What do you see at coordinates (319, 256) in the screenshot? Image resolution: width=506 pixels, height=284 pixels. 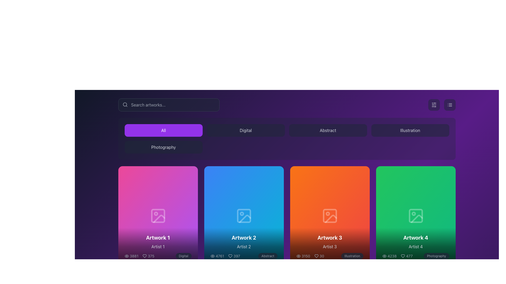 I see `the textual label indicating the number of likes for 'Artwork 3', located in the bottom left corner of the card, to the right of the heart icon` at bounding box center [319, 256].